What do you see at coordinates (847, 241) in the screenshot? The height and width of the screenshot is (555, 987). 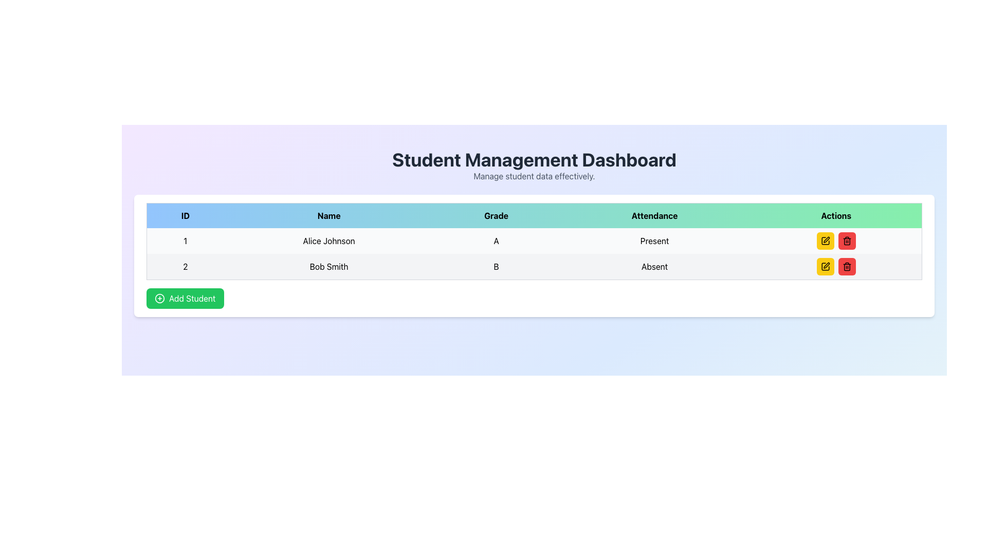 I see `the delete icon button located as the second icon in the 'Actions' column of the second row of the table` at bounding box center [847, 241].